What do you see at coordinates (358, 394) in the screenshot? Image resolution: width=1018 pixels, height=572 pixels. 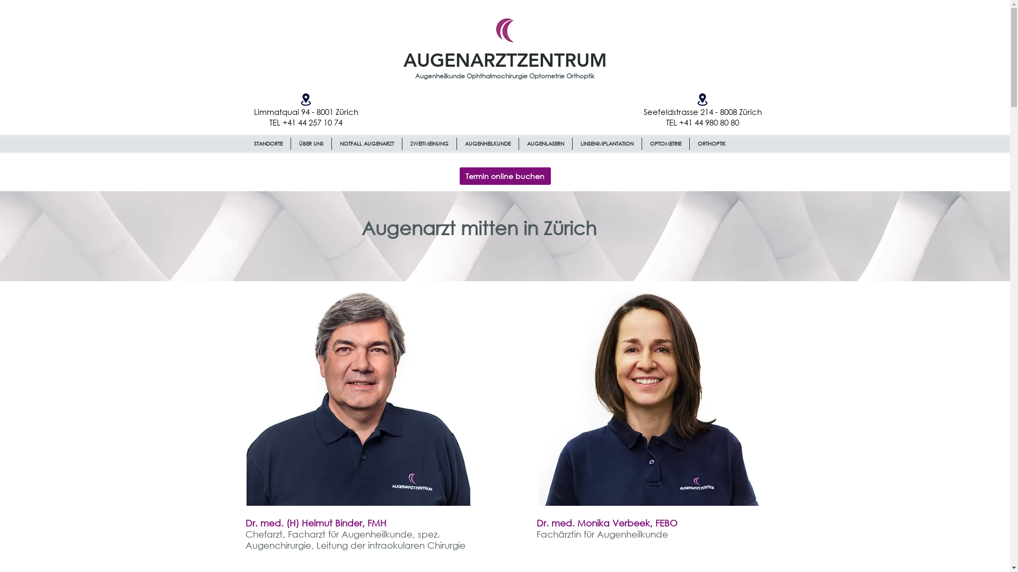 I see `'Dr. med. Helmut Binder'` at bounding box center [358, 394].